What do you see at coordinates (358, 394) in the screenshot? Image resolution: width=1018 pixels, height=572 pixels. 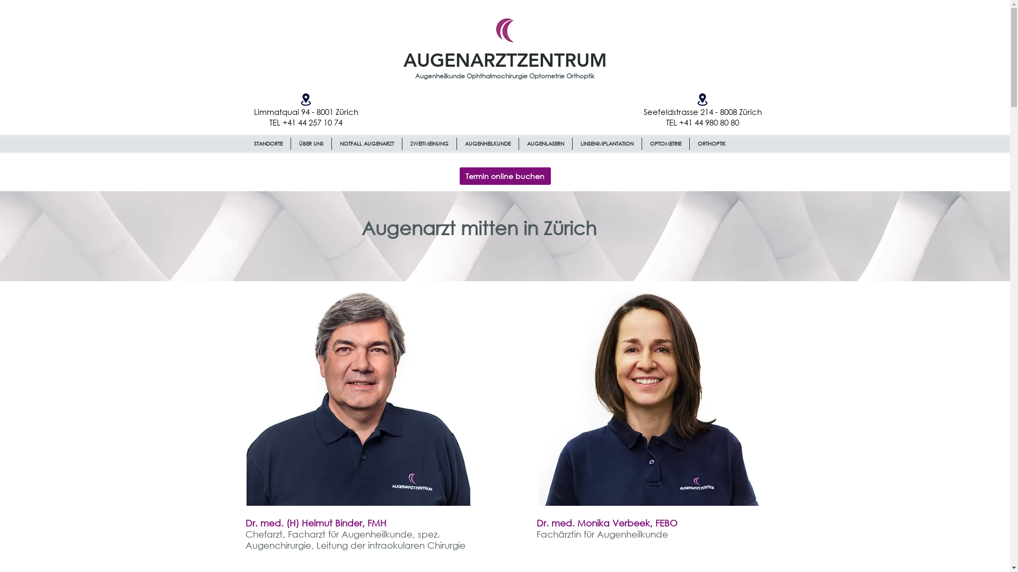 I see `'Dr. med. Helmut Binder'` at bounding box center [358, 394].